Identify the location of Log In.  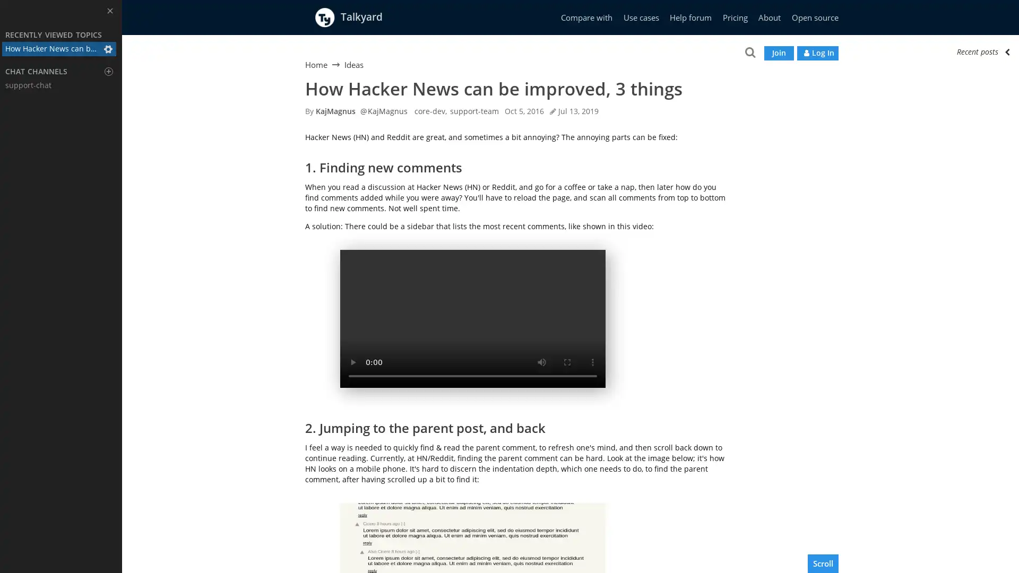
(817, 53).